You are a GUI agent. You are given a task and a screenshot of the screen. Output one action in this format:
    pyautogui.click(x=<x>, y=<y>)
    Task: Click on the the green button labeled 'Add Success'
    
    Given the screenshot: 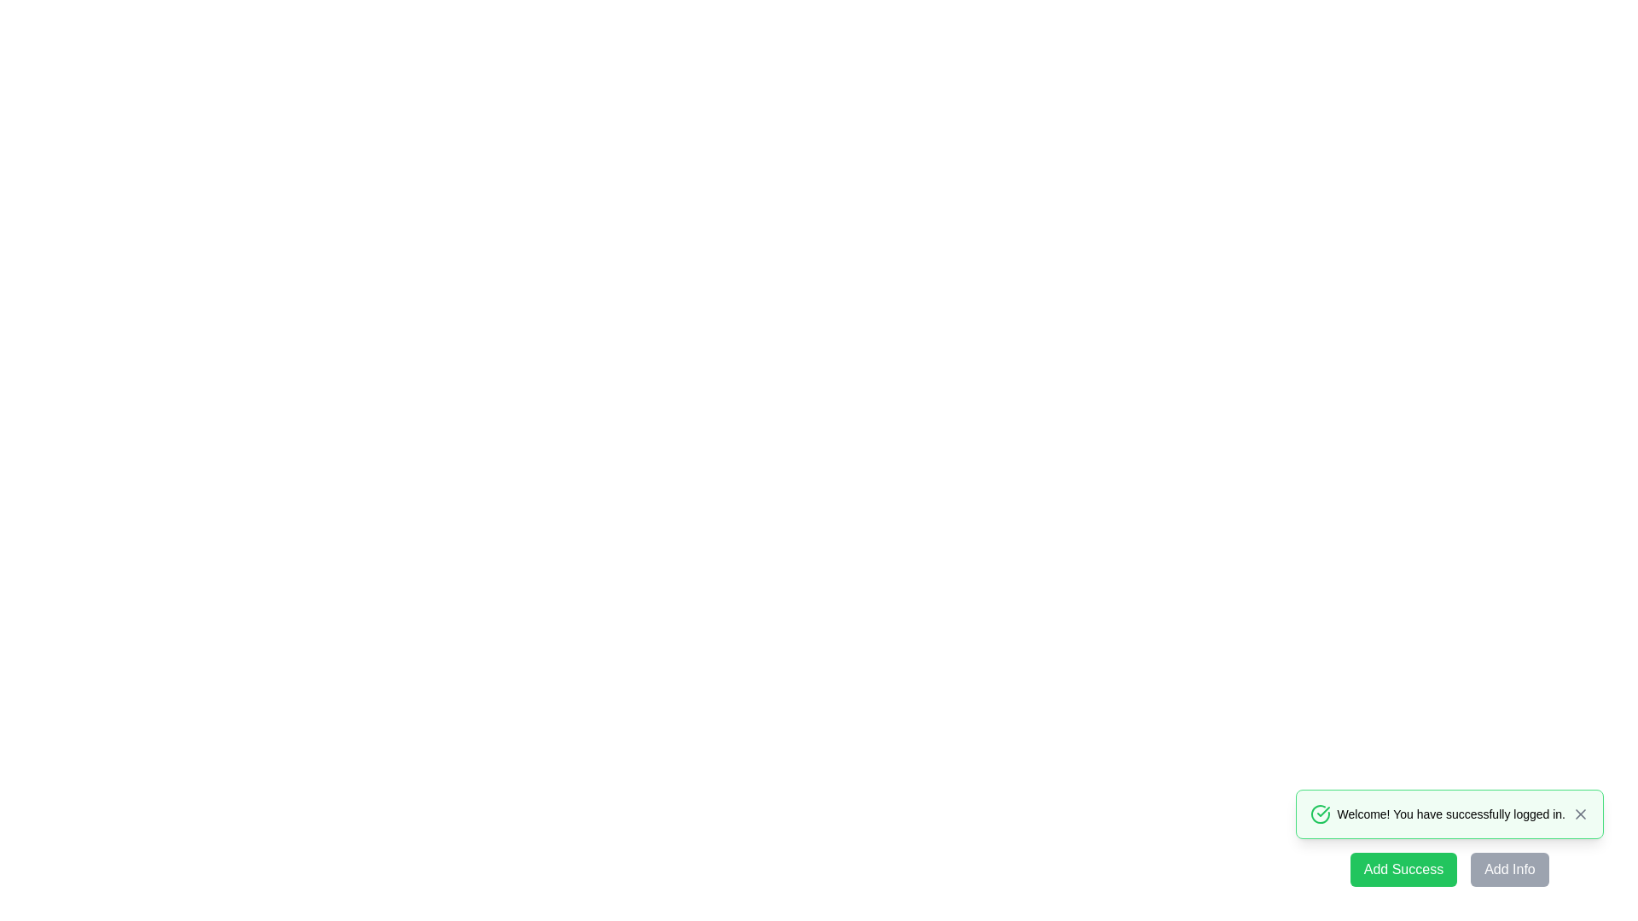 What is the action you would take?
    pyautogui.click(x=1403, y=869)
    